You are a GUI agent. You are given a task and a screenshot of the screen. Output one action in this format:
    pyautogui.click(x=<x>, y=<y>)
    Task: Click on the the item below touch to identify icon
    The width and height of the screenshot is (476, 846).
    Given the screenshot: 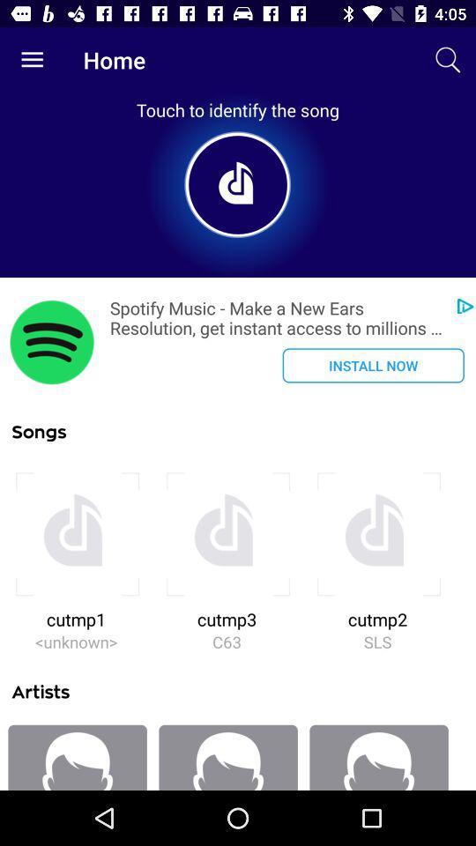 What is the action you would take?
    pyautogui.click(x=52, y=341)
    